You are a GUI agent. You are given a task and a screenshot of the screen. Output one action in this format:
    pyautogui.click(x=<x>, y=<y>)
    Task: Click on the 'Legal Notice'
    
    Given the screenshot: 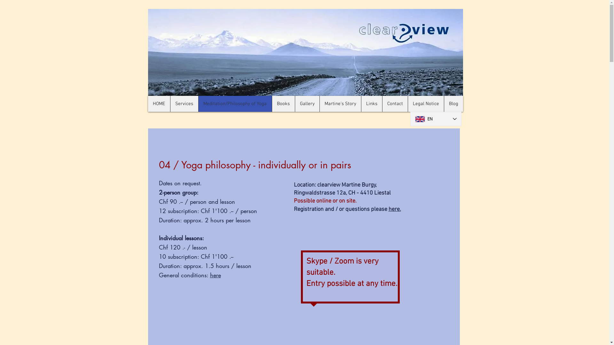 What is the action you would take?
    pyautogui.click(x=425, y=103)
    